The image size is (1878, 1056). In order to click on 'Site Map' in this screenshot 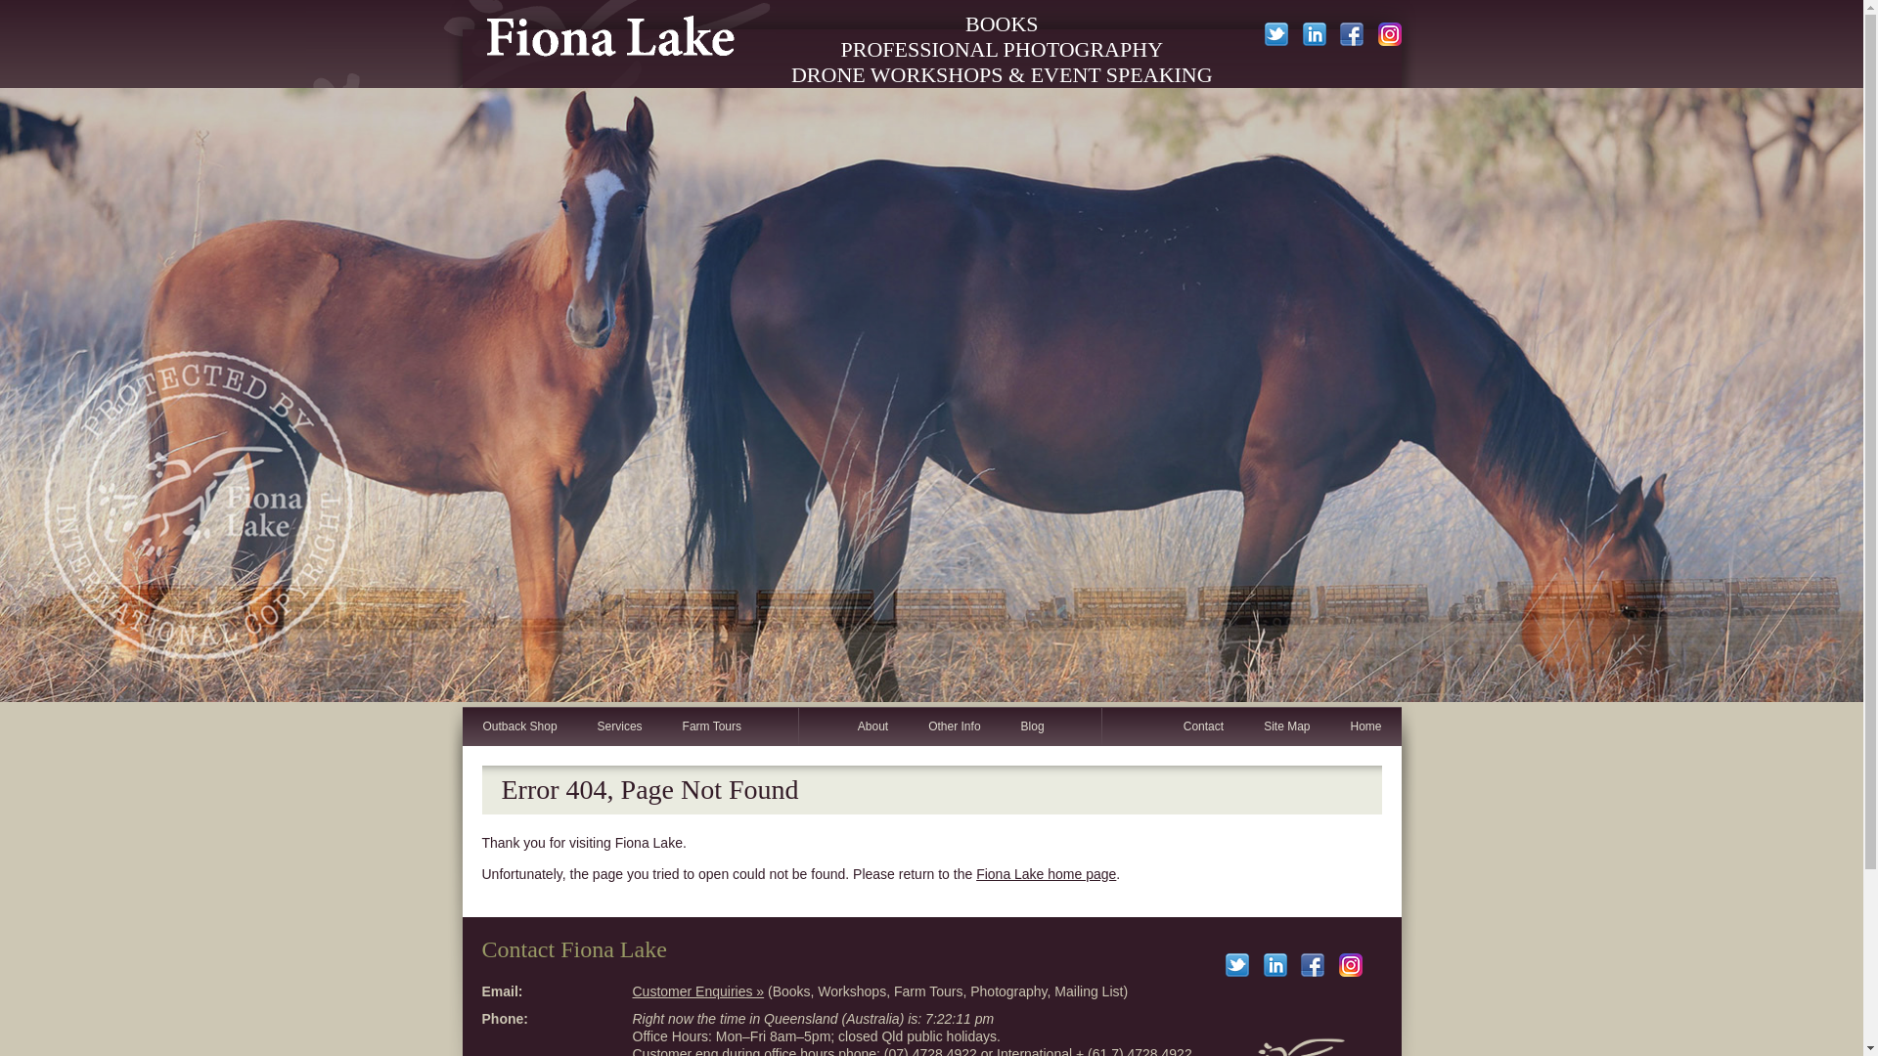, I will do `click(1286, 726)`.